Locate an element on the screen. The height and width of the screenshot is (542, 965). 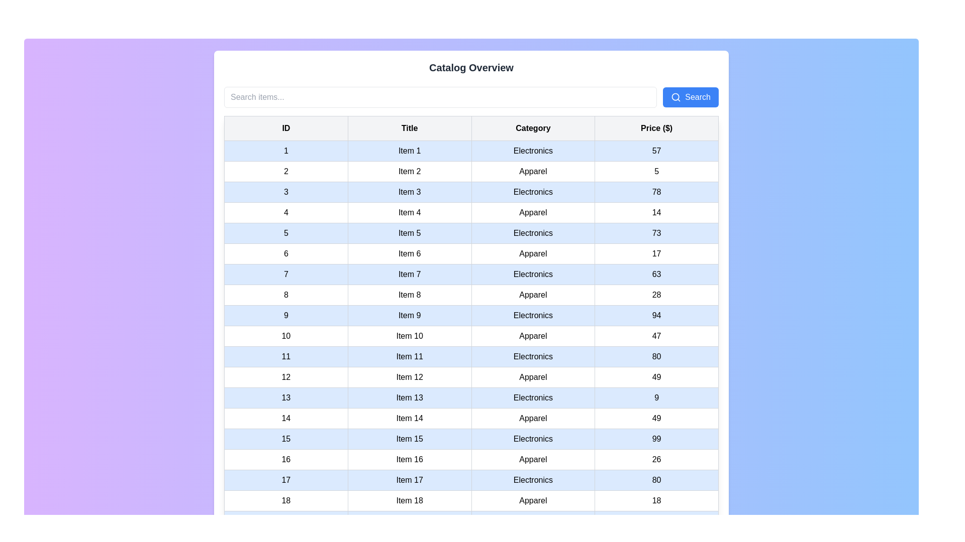
the table cell displaying 'Item 2' in the second column of the table under the 'Title' column, which is visually styled with padding and a gray border is located at coordinates (410, 171).